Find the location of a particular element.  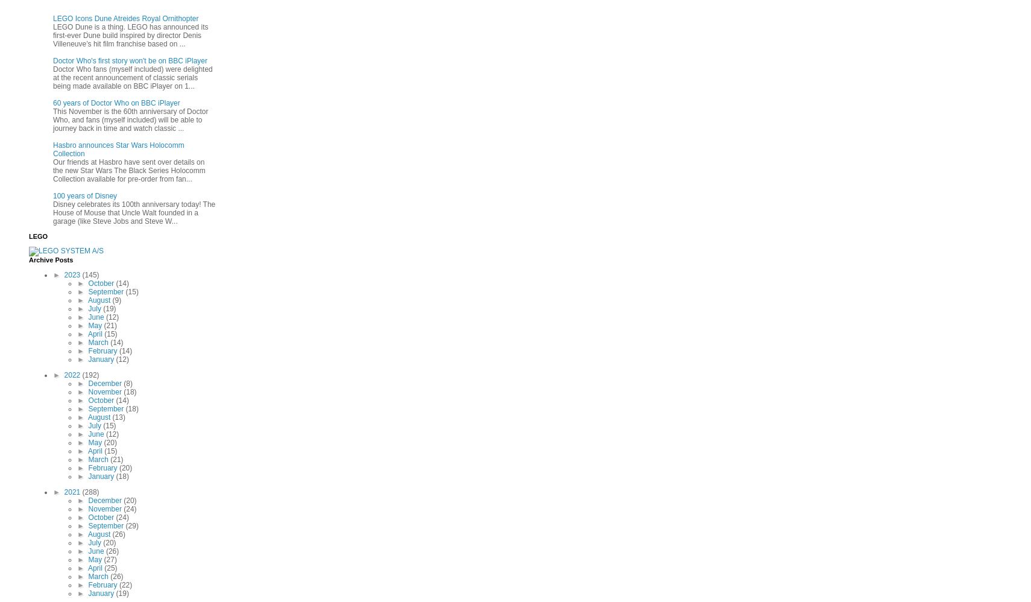

'(29)' is located at coordinates (131, 525).